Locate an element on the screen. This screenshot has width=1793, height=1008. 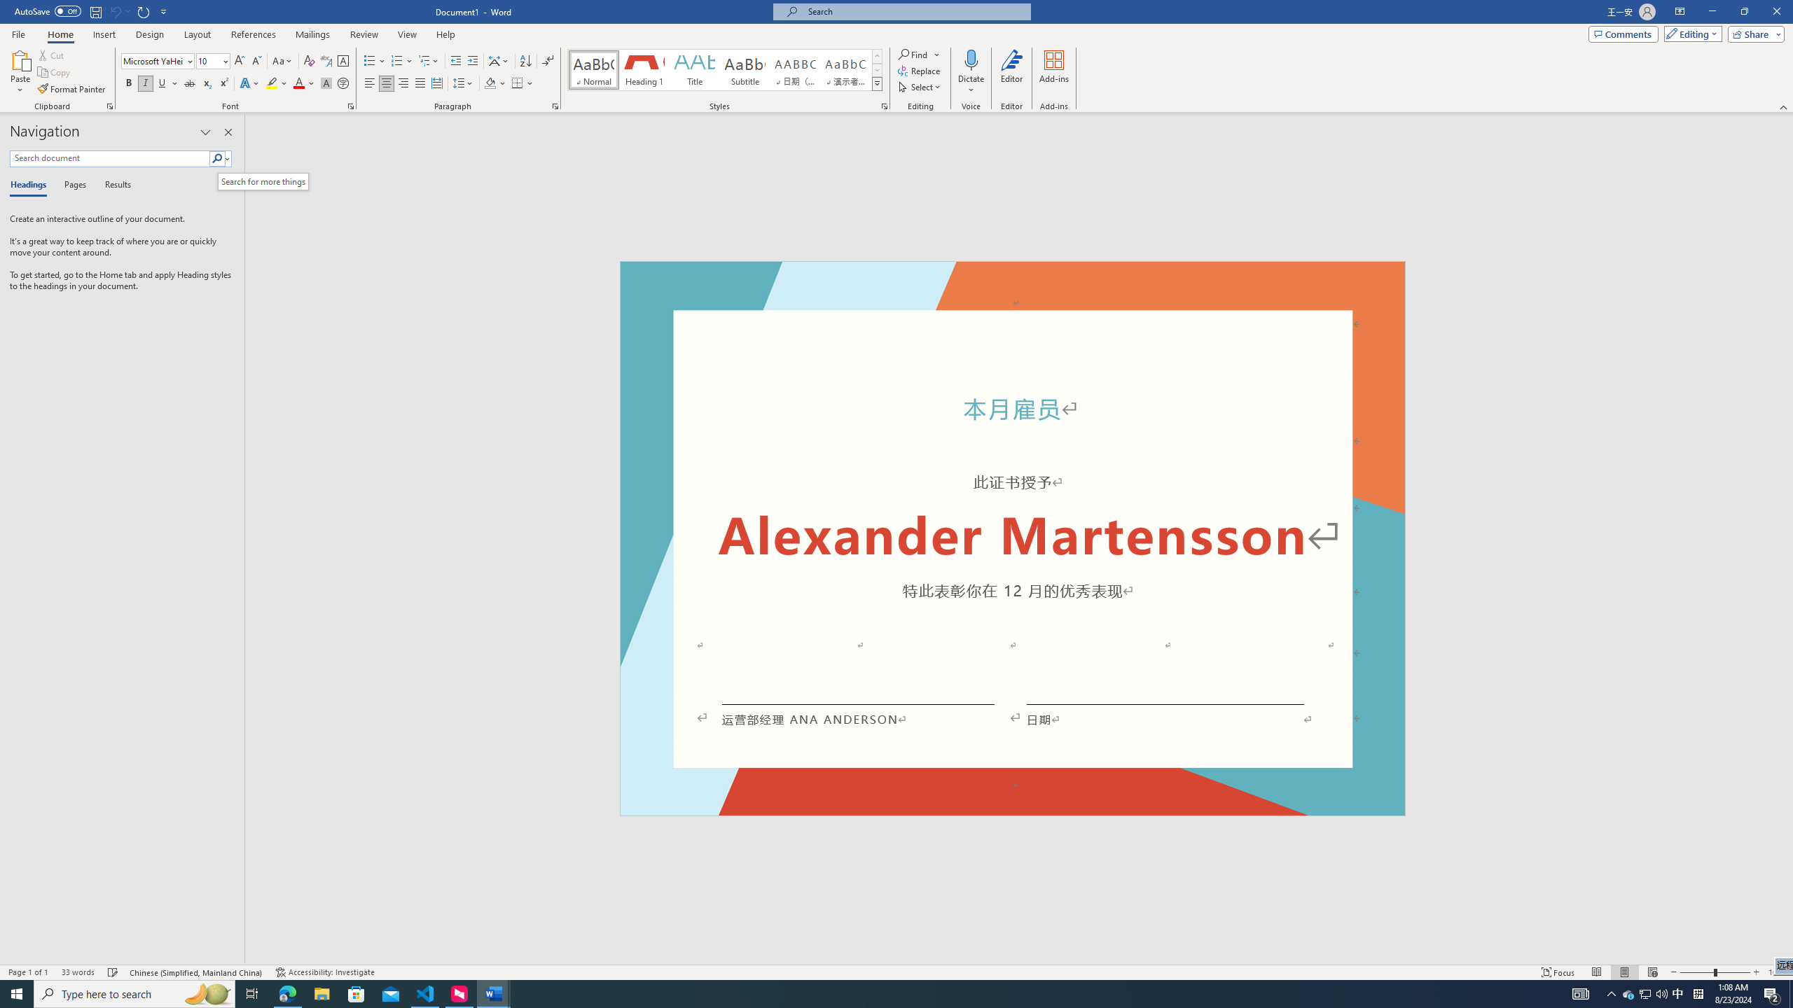
'Search for more things' is located at coordinates (263, 181).